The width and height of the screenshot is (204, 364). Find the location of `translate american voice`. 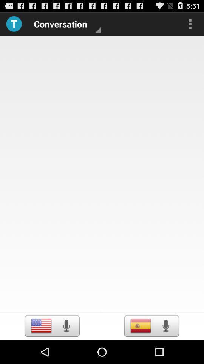

translate american voice is located at coordinates (66, 325).